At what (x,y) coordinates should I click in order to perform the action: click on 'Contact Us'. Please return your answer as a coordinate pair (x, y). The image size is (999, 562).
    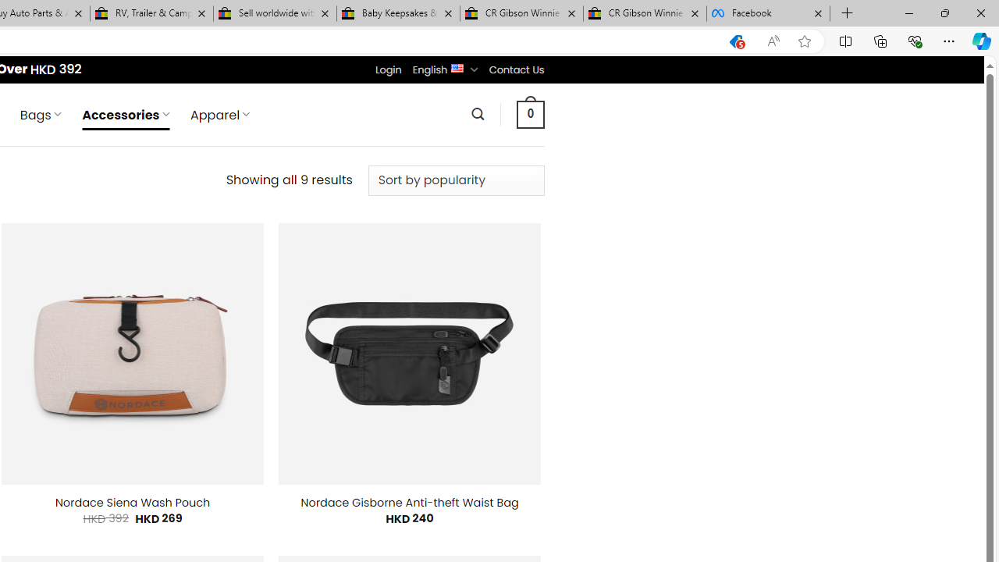
    Looking at the image, I should click on (516, 69).